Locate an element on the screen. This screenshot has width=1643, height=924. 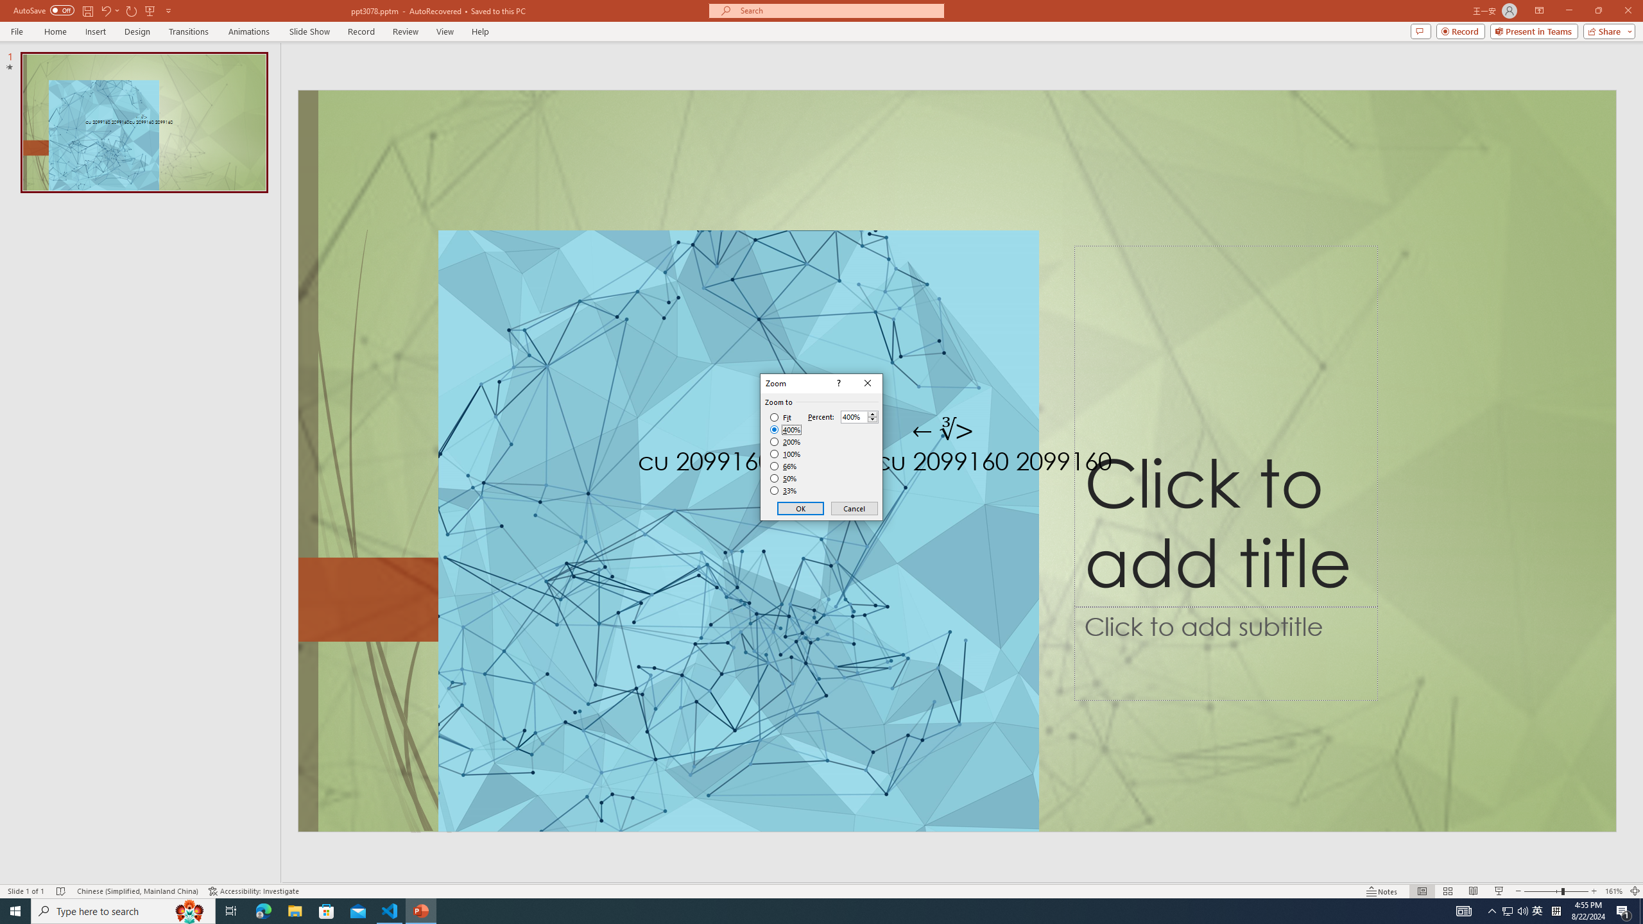
'Percent' is located at coordinates (860, 416).